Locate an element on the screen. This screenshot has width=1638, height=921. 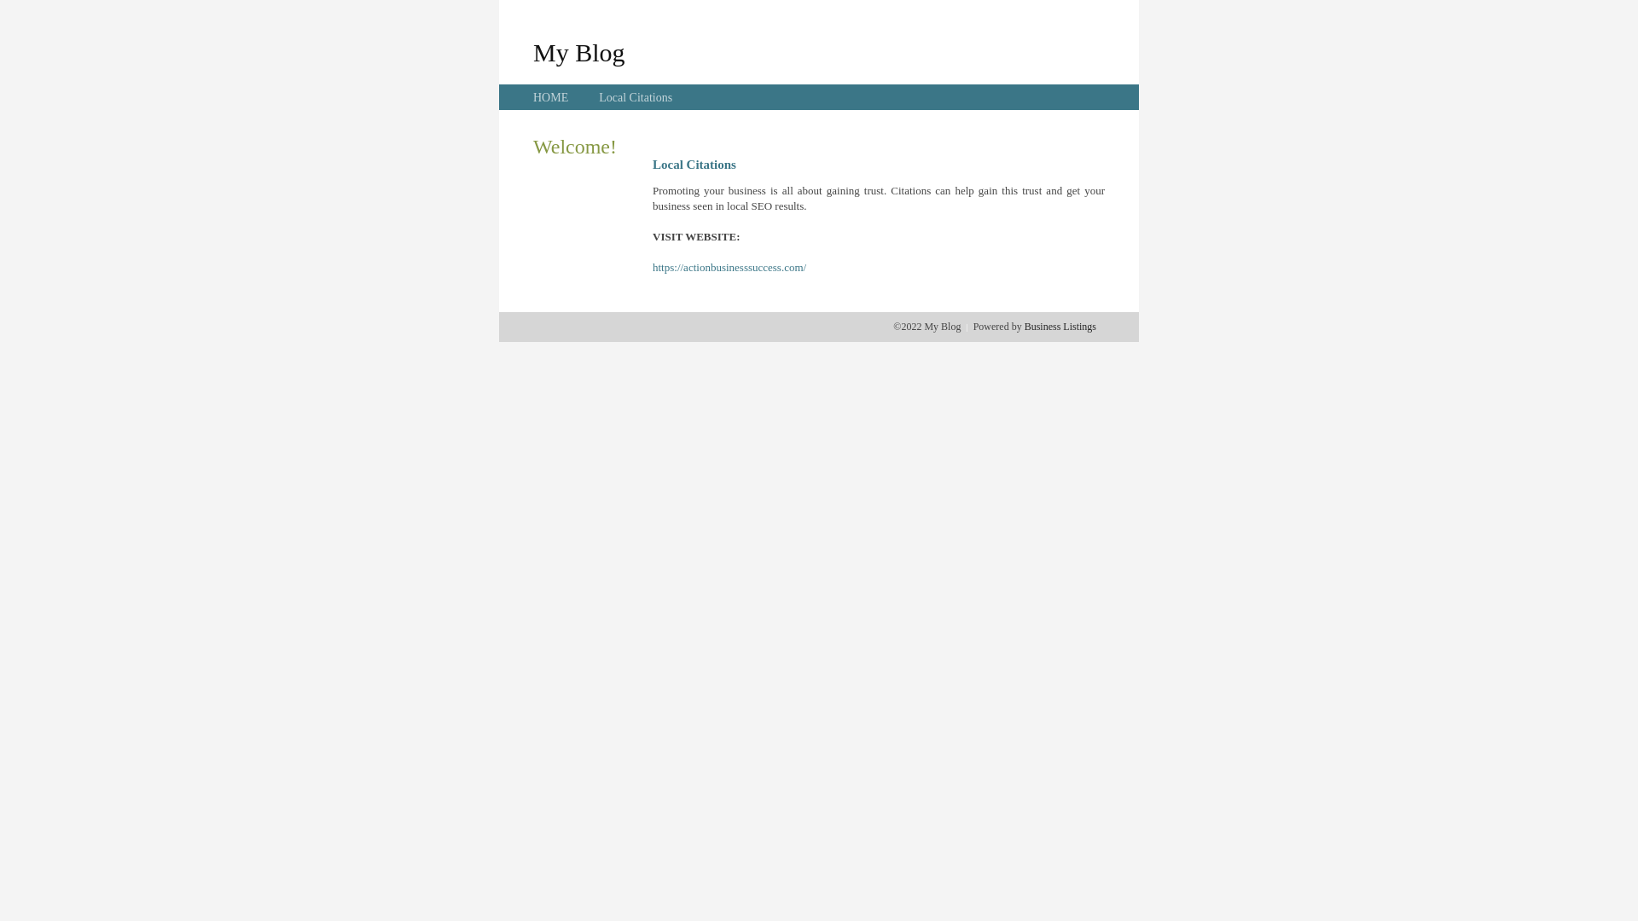
'My Blog' is located at coordinates (578, 51).